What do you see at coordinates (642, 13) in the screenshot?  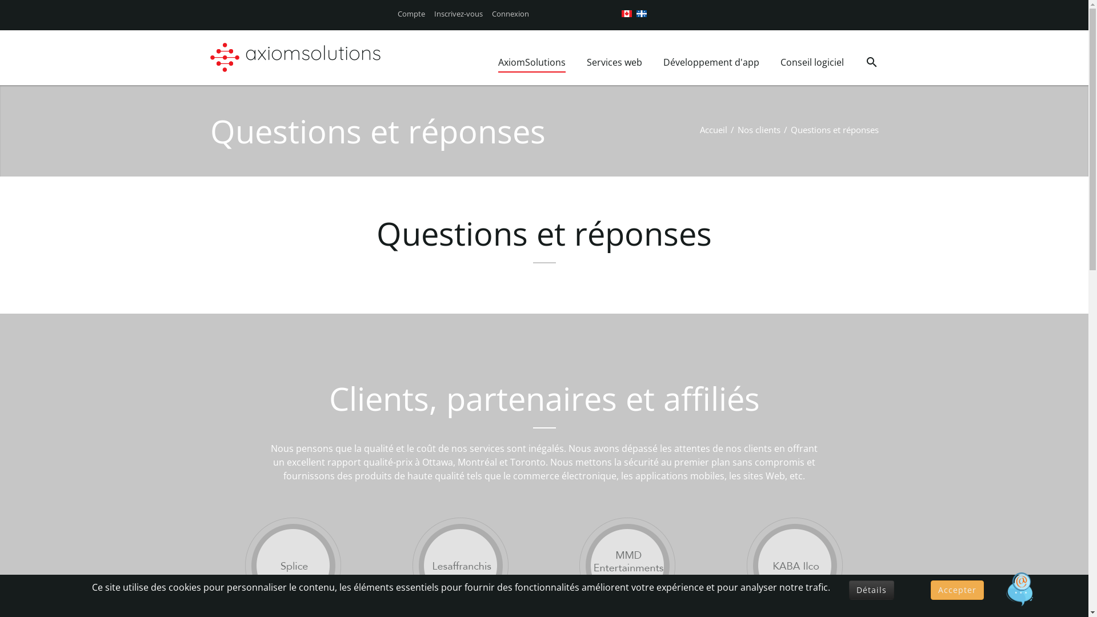 I see `'French (CA)'` at bounding box center [642, 13].